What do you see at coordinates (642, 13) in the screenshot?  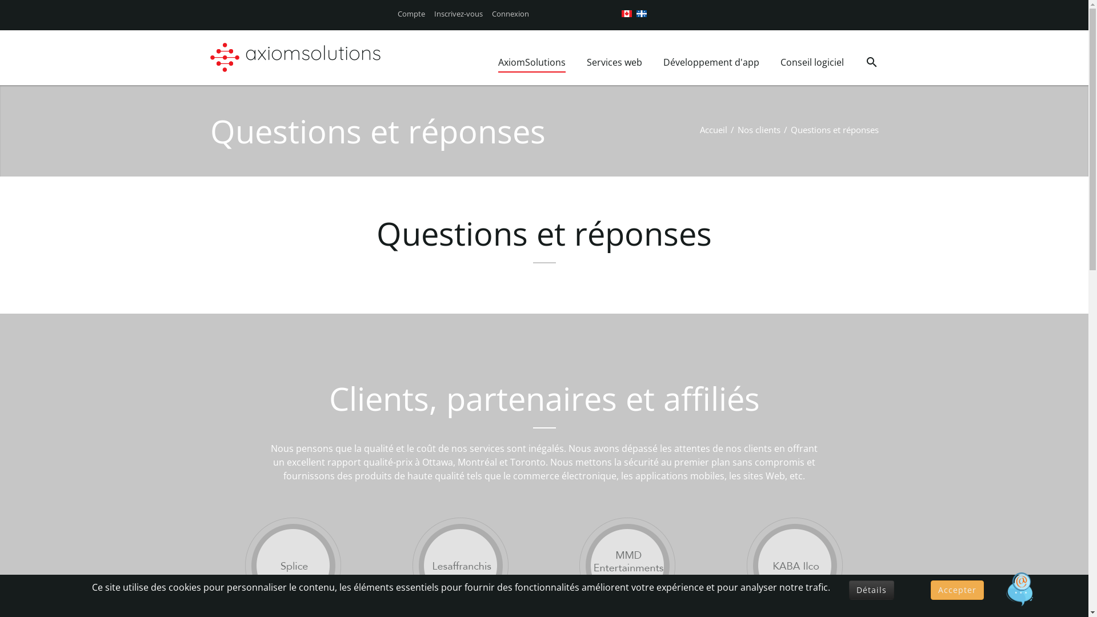 I see `'French (CA)'` at bounding box center [642, 13].